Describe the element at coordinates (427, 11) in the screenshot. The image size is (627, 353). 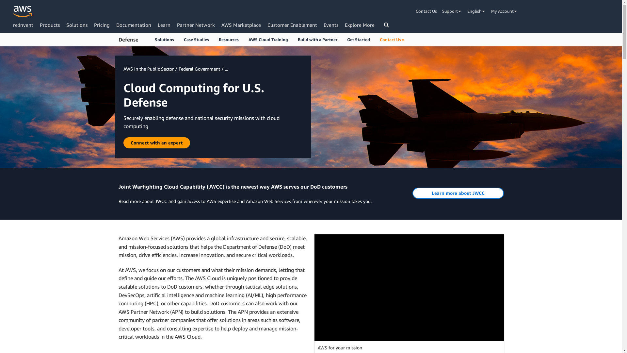
I see `'Contact Us'` at that location.